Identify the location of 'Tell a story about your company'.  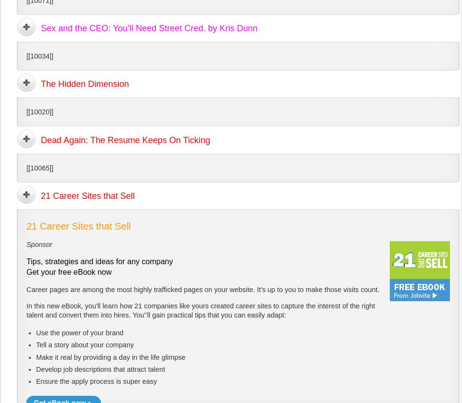
(84, 344).